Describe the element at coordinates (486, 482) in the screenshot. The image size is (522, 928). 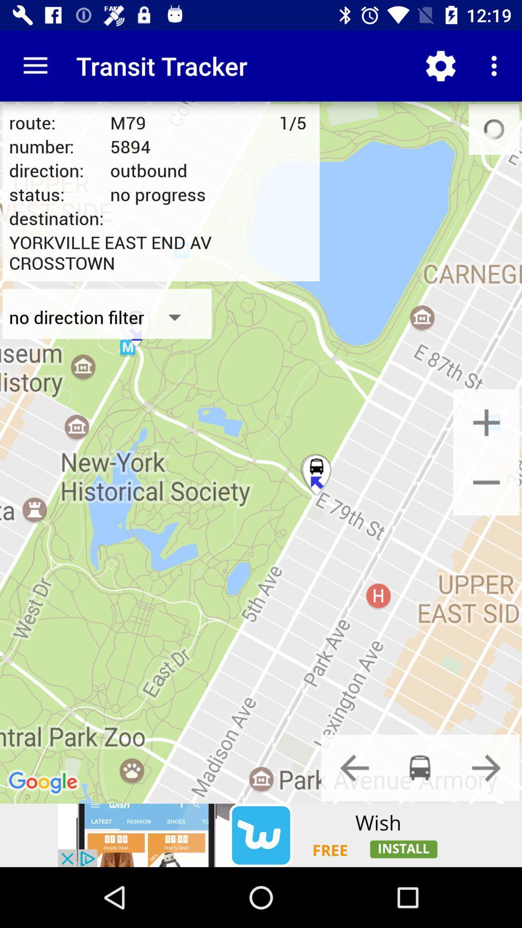
I see `sign` at that location.